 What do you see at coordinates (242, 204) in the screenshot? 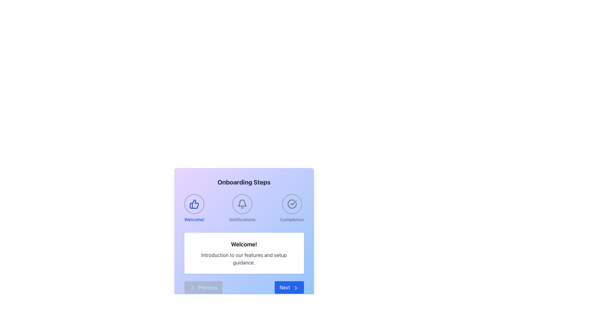
I see `the notification icon, which is the second icon under the 'Onboarding Steps' heading` at bounding box center [242, 204].